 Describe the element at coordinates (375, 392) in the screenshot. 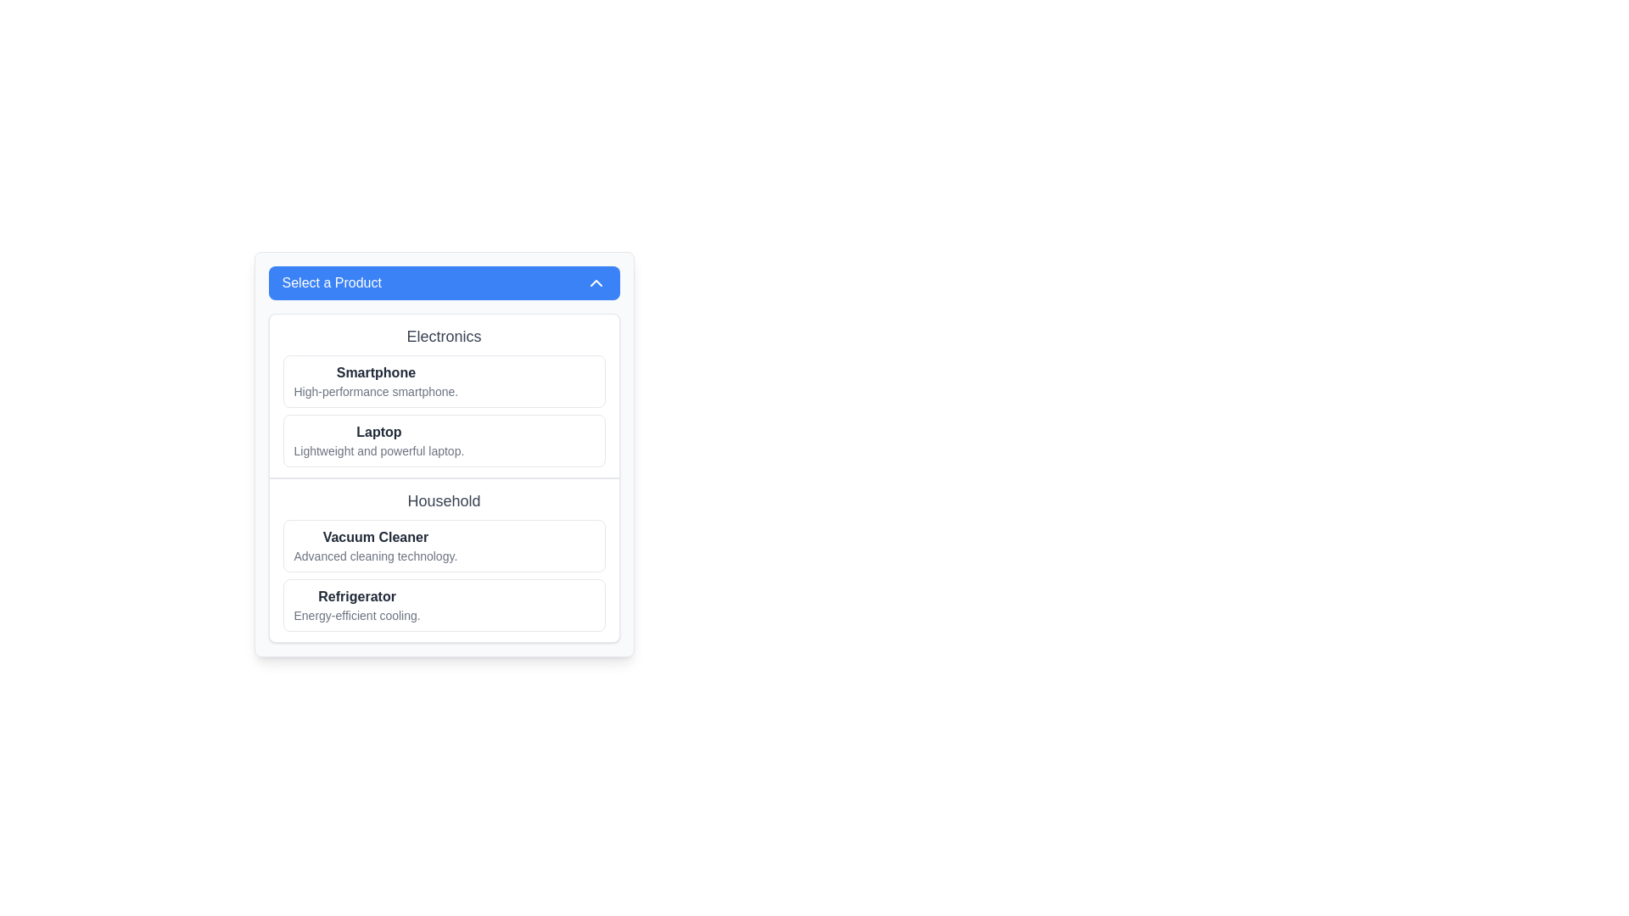

I see `the text label that reads 'High-performance smartphone.' located beneath the bold text 'Smartphone' in the 'Electronics' section of the selection panel` at that location.